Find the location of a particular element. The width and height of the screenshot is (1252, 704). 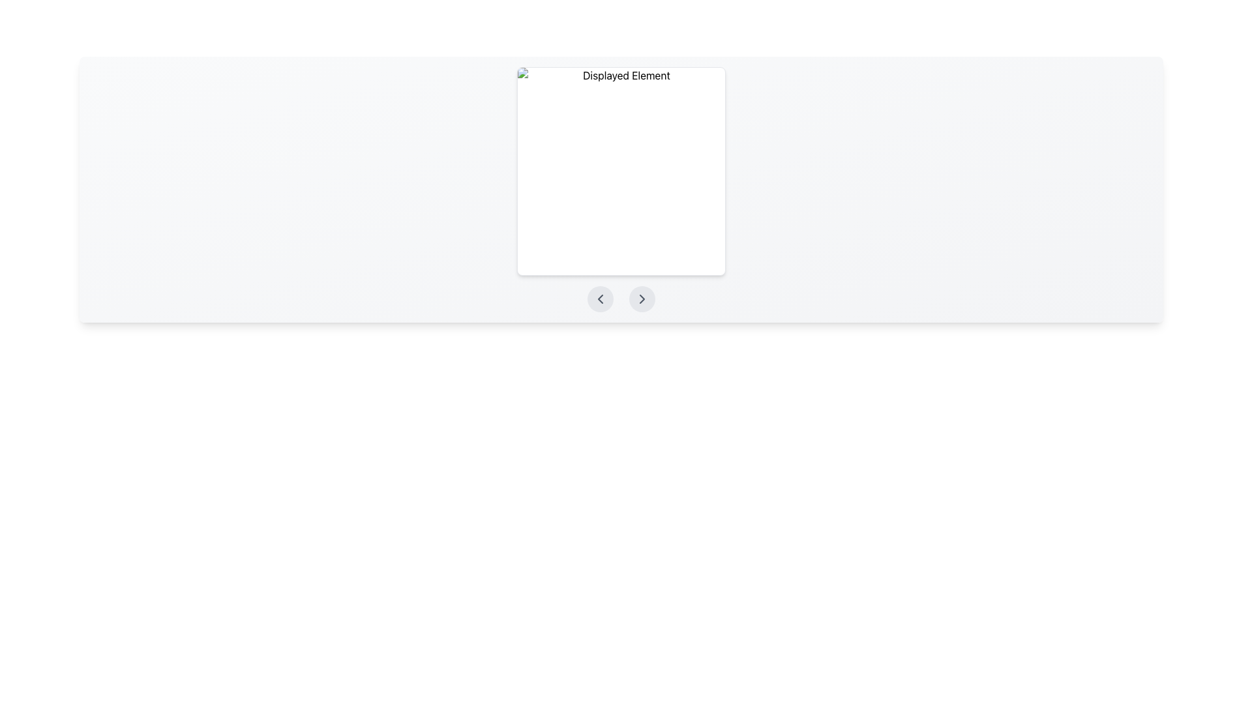

the navigation control buttons of the Control group located below the displayed image is located at coordinates (621, 299).